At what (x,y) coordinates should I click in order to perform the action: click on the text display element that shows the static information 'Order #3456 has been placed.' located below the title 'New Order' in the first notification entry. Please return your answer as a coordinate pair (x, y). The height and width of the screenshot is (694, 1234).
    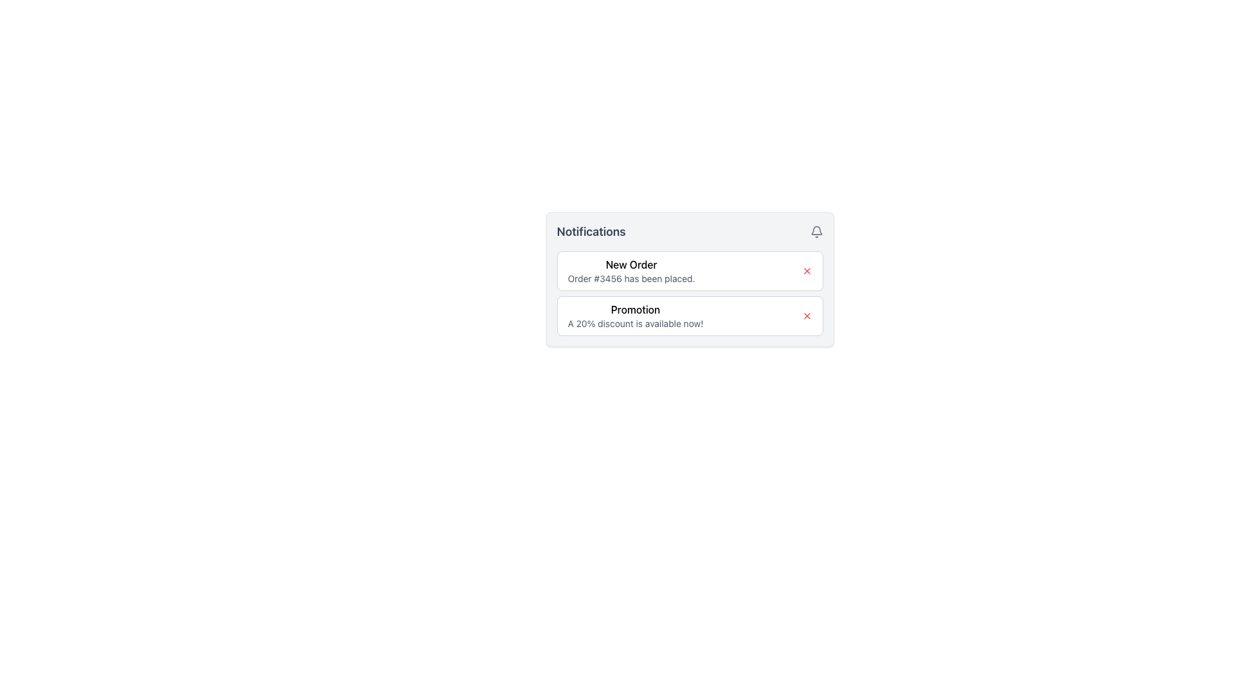
    Looking at the image, I should click on (631, 278).